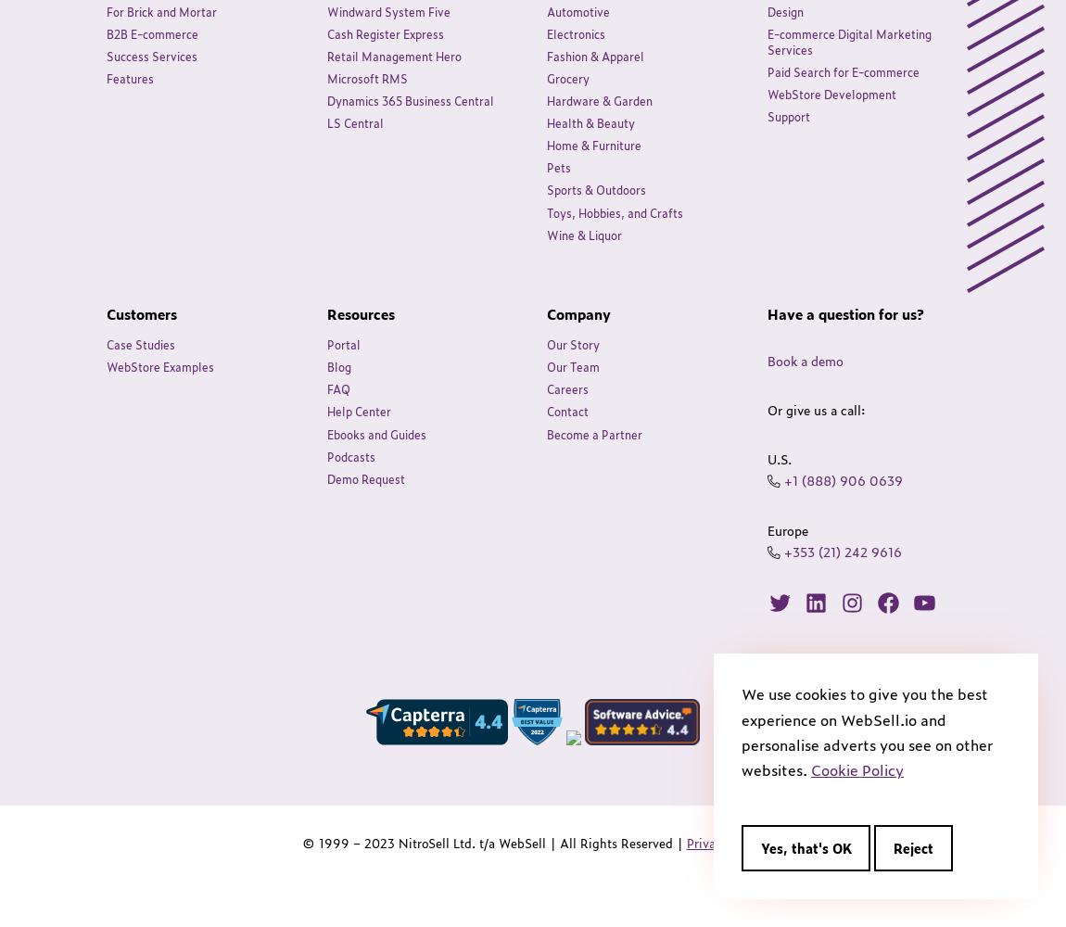 The height and width of the screenshot is (927, 1066). I want to click on 'Our Story', so click(572, 343).